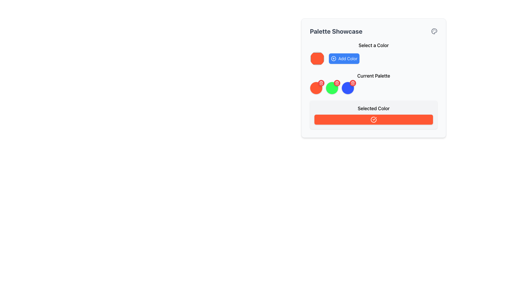 Image resolution: width=506 pixels, height=284 pixels. I want to click on the delete button located in the top-right corner of the blue circle in the 'Current Palette', so click(353, 83).